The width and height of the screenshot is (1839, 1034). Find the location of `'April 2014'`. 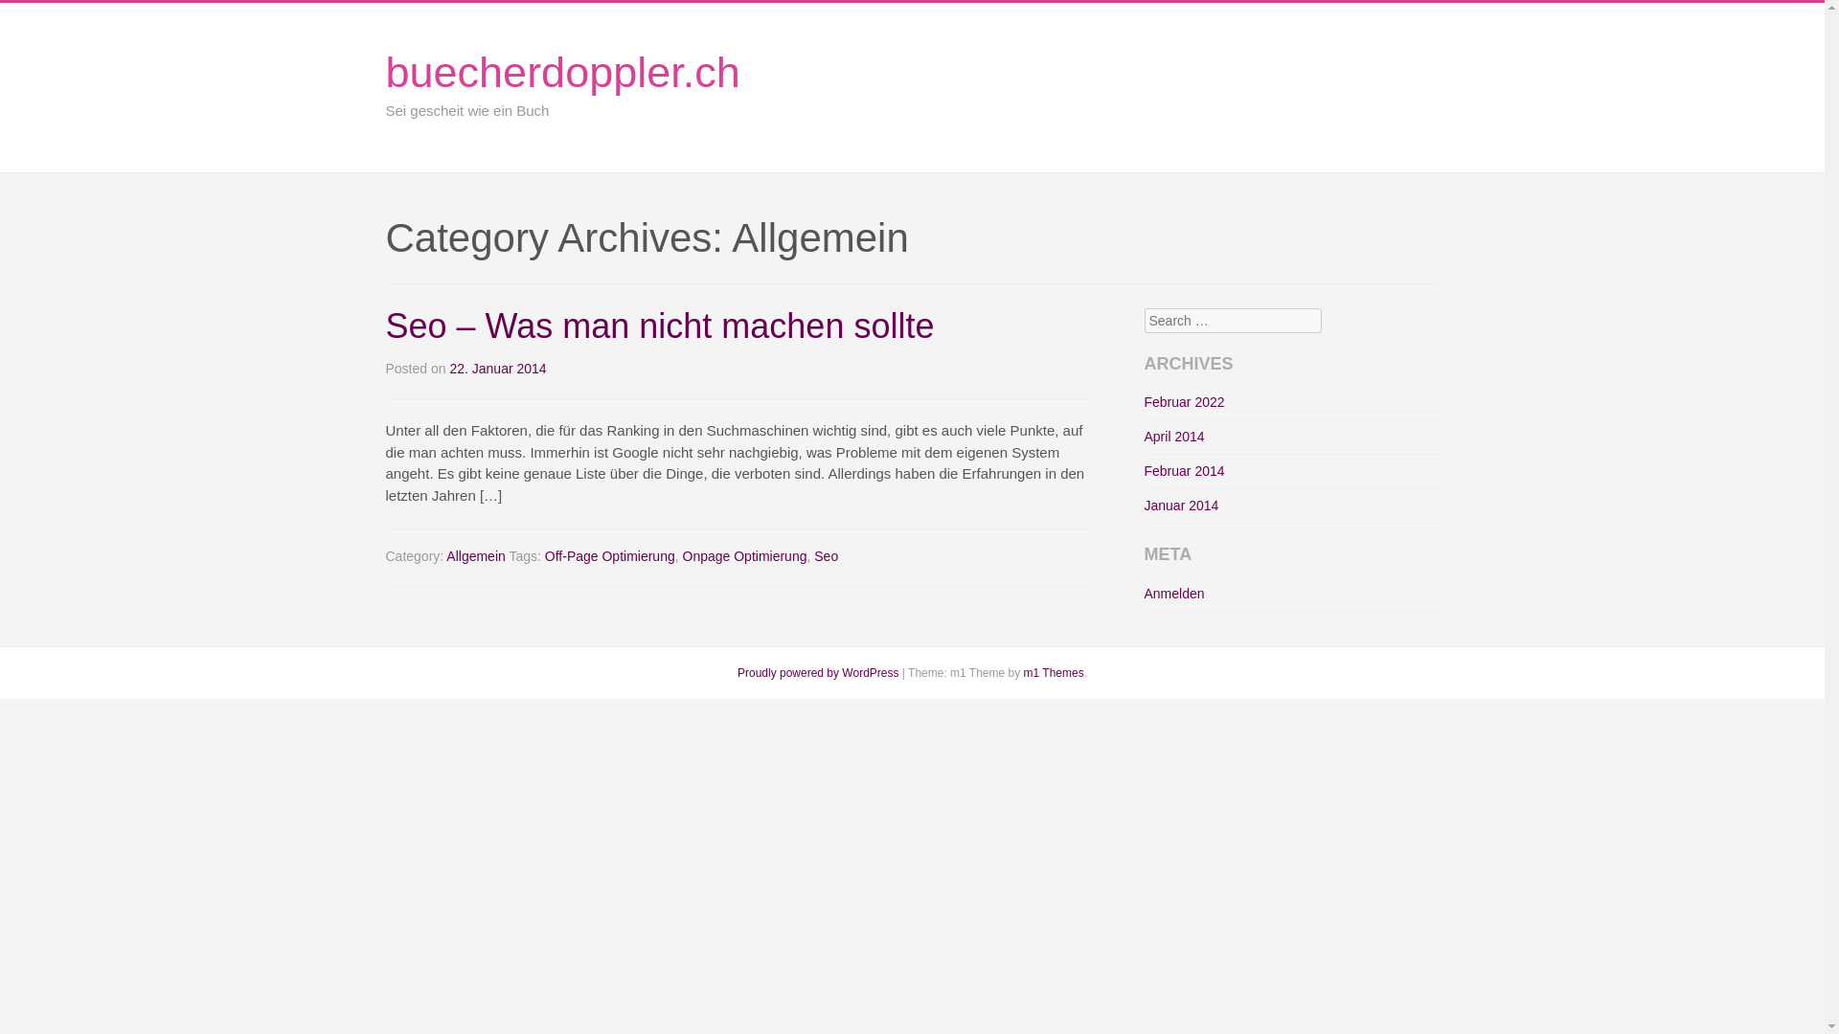

'April 2014' is located at coordinates (1144, 436).